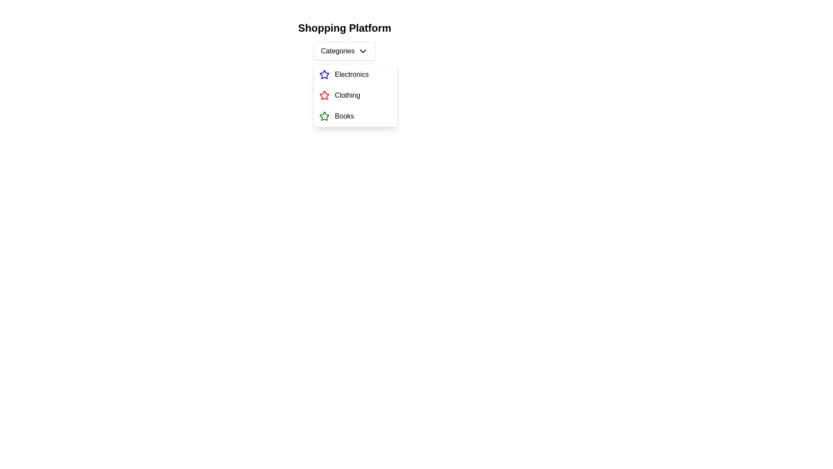  Describe the element at coordinates (324, 74) in the screenshot. I see `the first icon in the vertical list associated with the 'Electronics' category, located beside the text 'Electronics' in the dropdown menu under 'Categories'` at that location.